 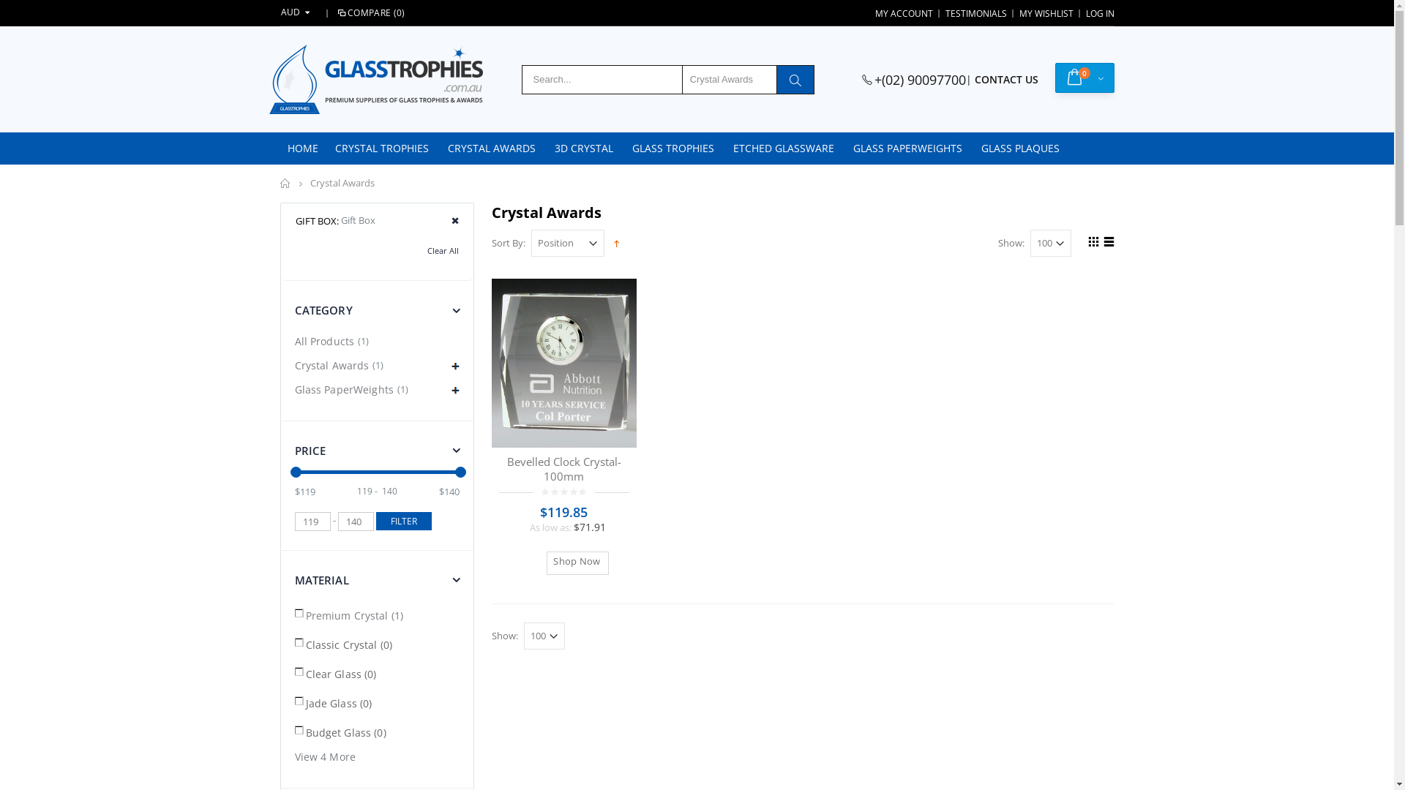 What do you see at coordinates (1106, 242) in the screenshot?
I see `'List'` at bounding box center [1106, 242].